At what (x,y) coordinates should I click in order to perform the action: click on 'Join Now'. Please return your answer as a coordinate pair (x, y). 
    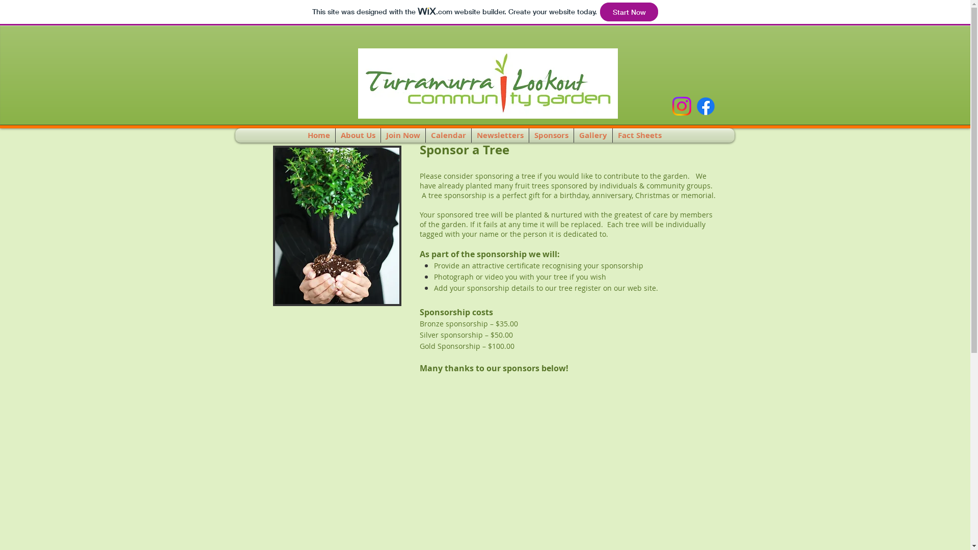
    Looking at the image, I should click on (402, 135).